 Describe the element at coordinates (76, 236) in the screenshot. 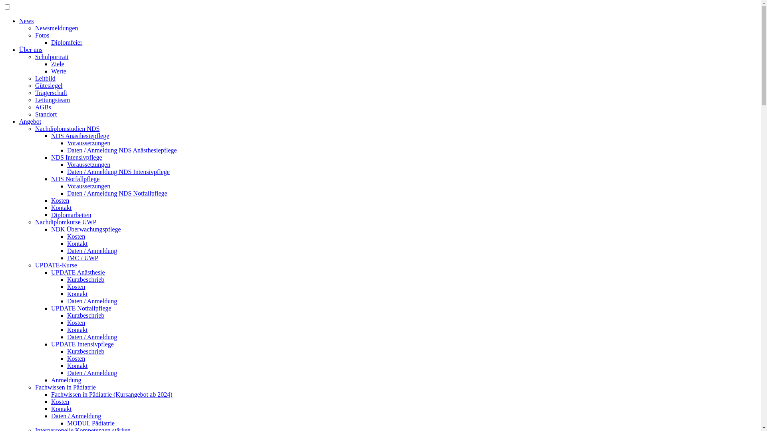

I see `'Kosten'` at that location.